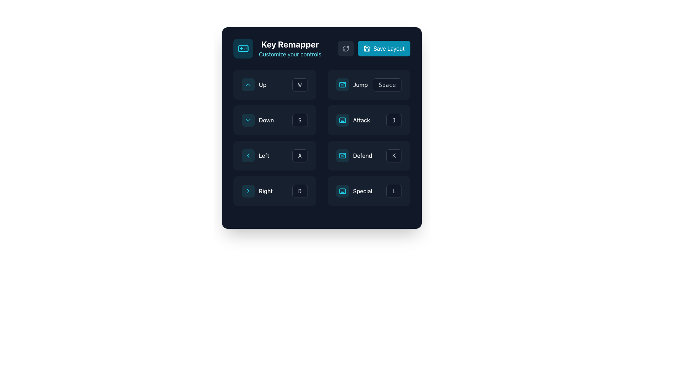  What do you see at coordinates (248, 84) in the screenshot?
I see `the displayed information by interacting with the upward pointing arrow icon button, which is a small rounded rectangular element with a cyan border and background, located to the left of the 'Up' text` at bounding box center [248, 84].